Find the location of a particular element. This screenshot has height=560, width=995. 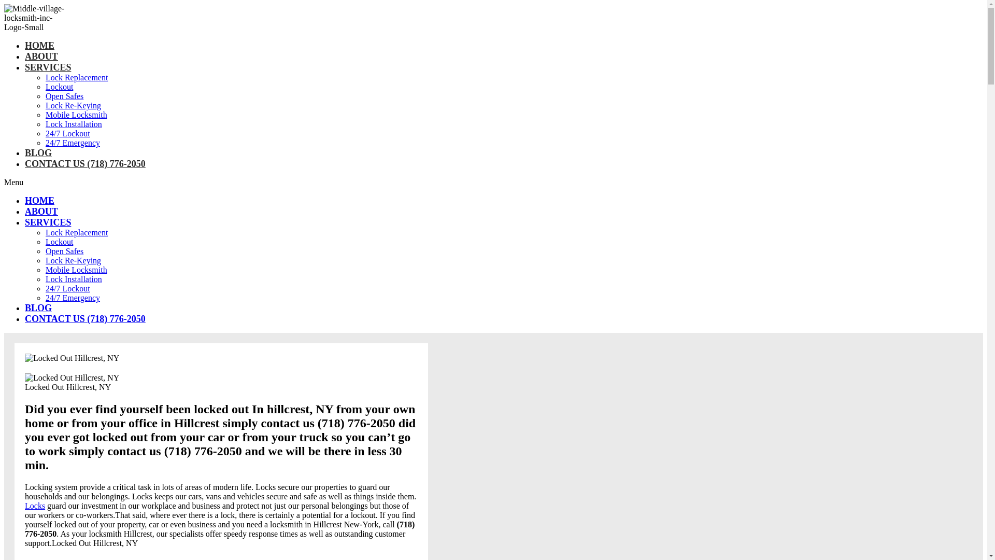

'CONTACT US (718) 776-2050' is located at coordinates (85, 163).